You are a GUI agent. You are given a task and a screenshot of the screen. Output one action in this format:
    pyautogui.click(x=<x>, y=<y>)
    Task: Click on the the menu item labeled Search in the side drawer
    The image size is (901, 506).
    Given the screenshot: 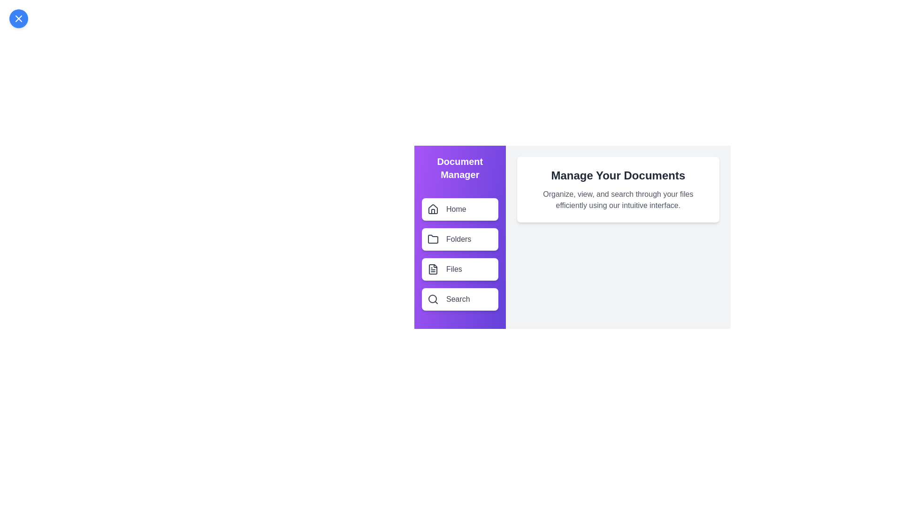 What is the action you would take?
    pyautogui.click(x=459, y=299)
    